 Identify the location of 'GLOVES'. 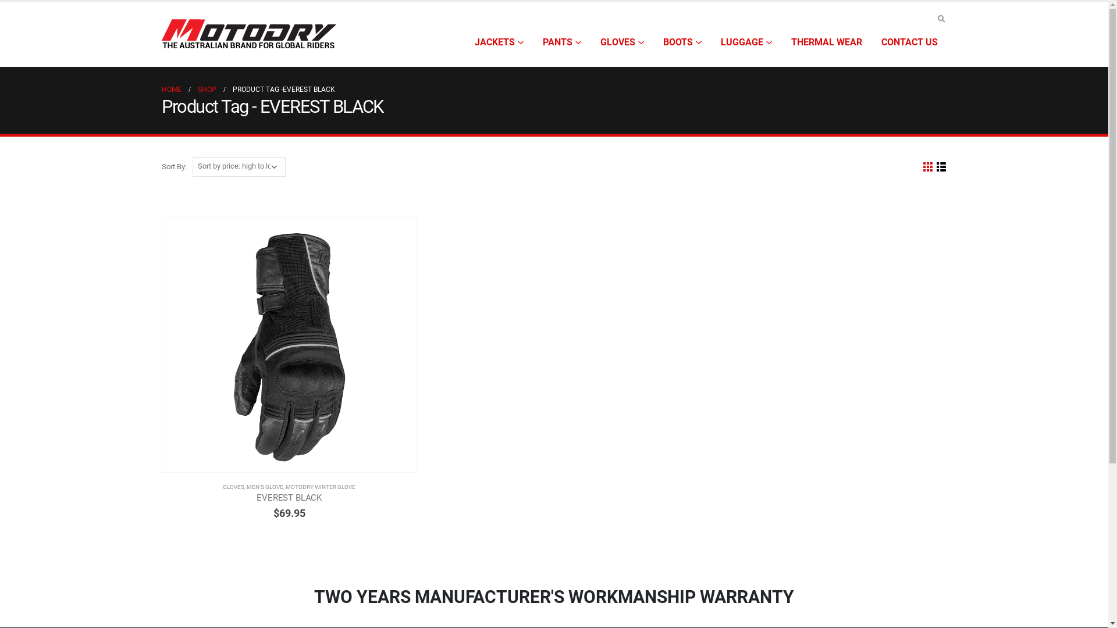
(591, 42).